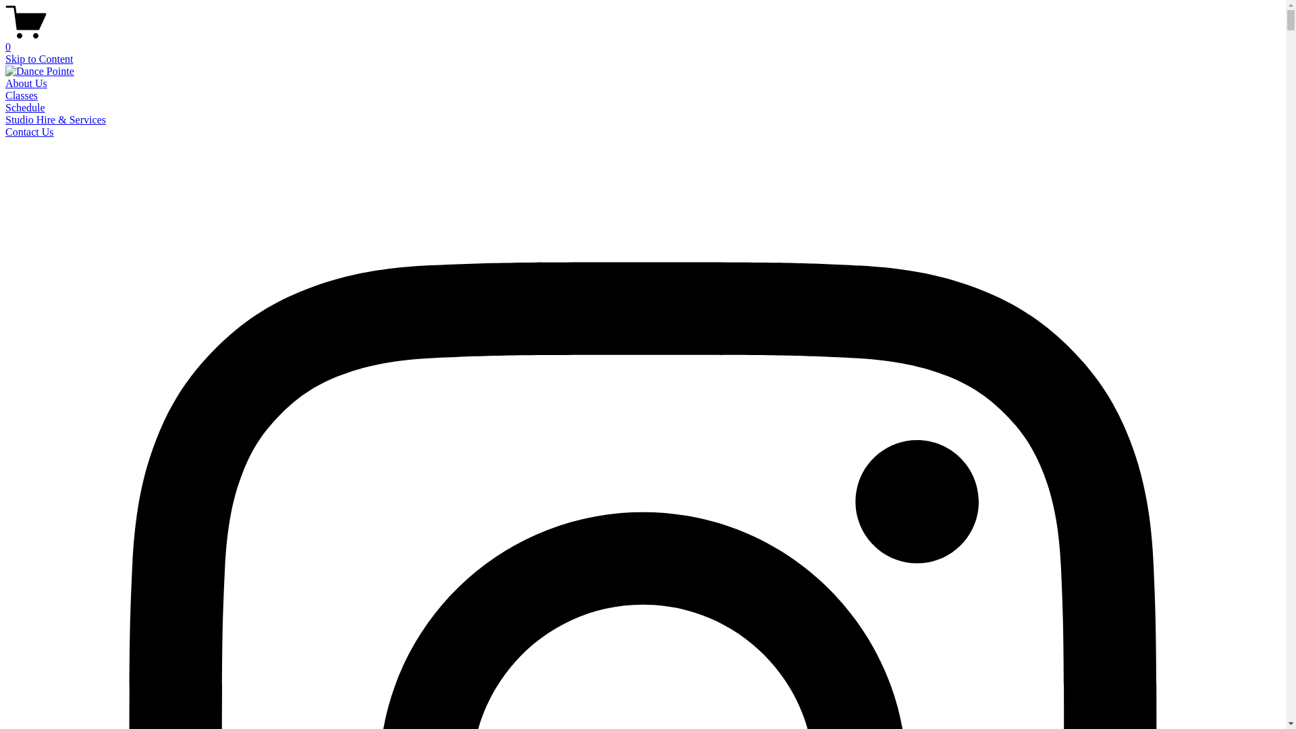 The width and height of the screenshot is (1296, 729). I want to click on 'Schedule', so click(25, 107).